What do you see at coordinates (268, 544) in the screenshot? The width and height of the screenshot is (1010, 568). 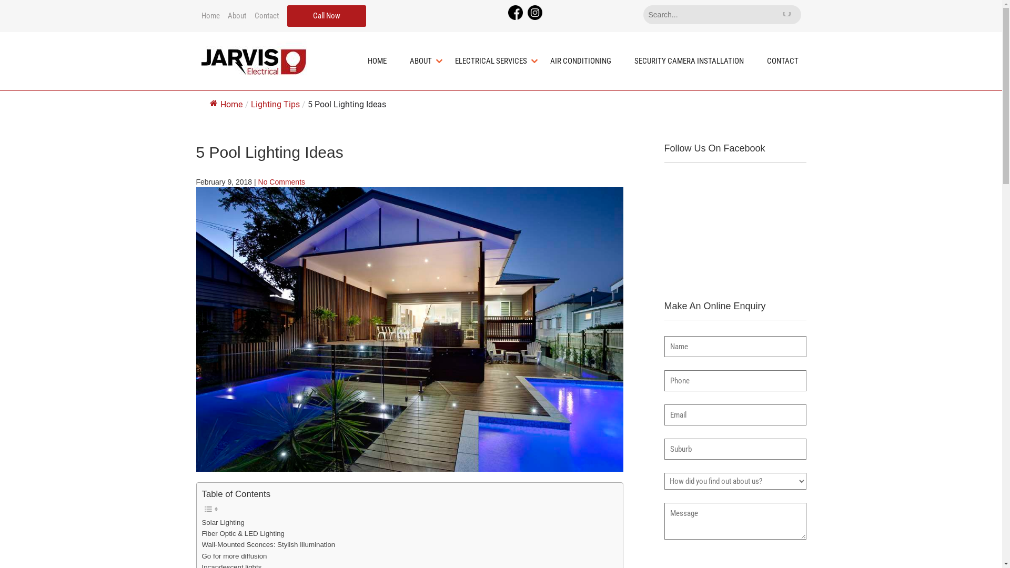 I see `'Wall-Mounted Sconces: Stylish Illumination'` at bounding box center [268, 544].